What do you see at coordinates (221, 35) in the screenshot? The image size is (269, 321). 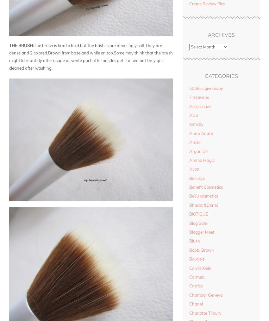 I see `'Archives'` at bounding box center [221, 35].